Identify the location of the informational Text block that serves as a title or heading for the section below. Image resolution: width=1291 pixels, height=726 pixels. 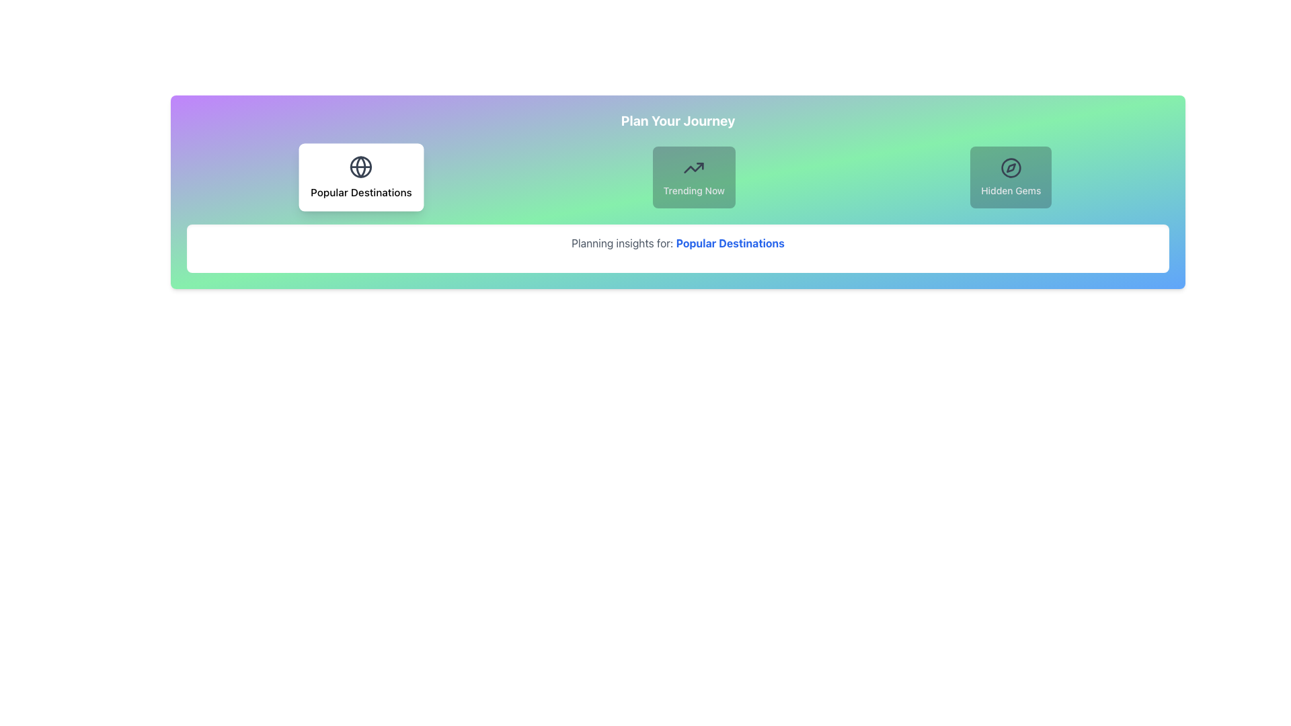
(678, 121).